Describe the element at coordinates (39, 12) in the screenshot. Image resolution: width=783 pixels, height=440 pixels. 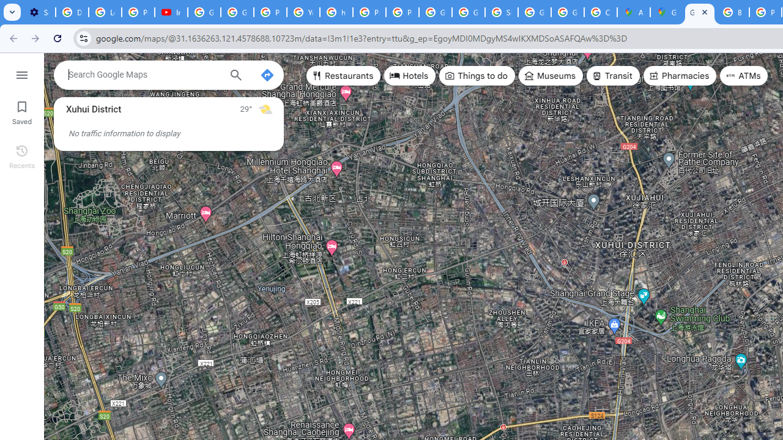
I see `'Settings - Customize profile'` at that location.